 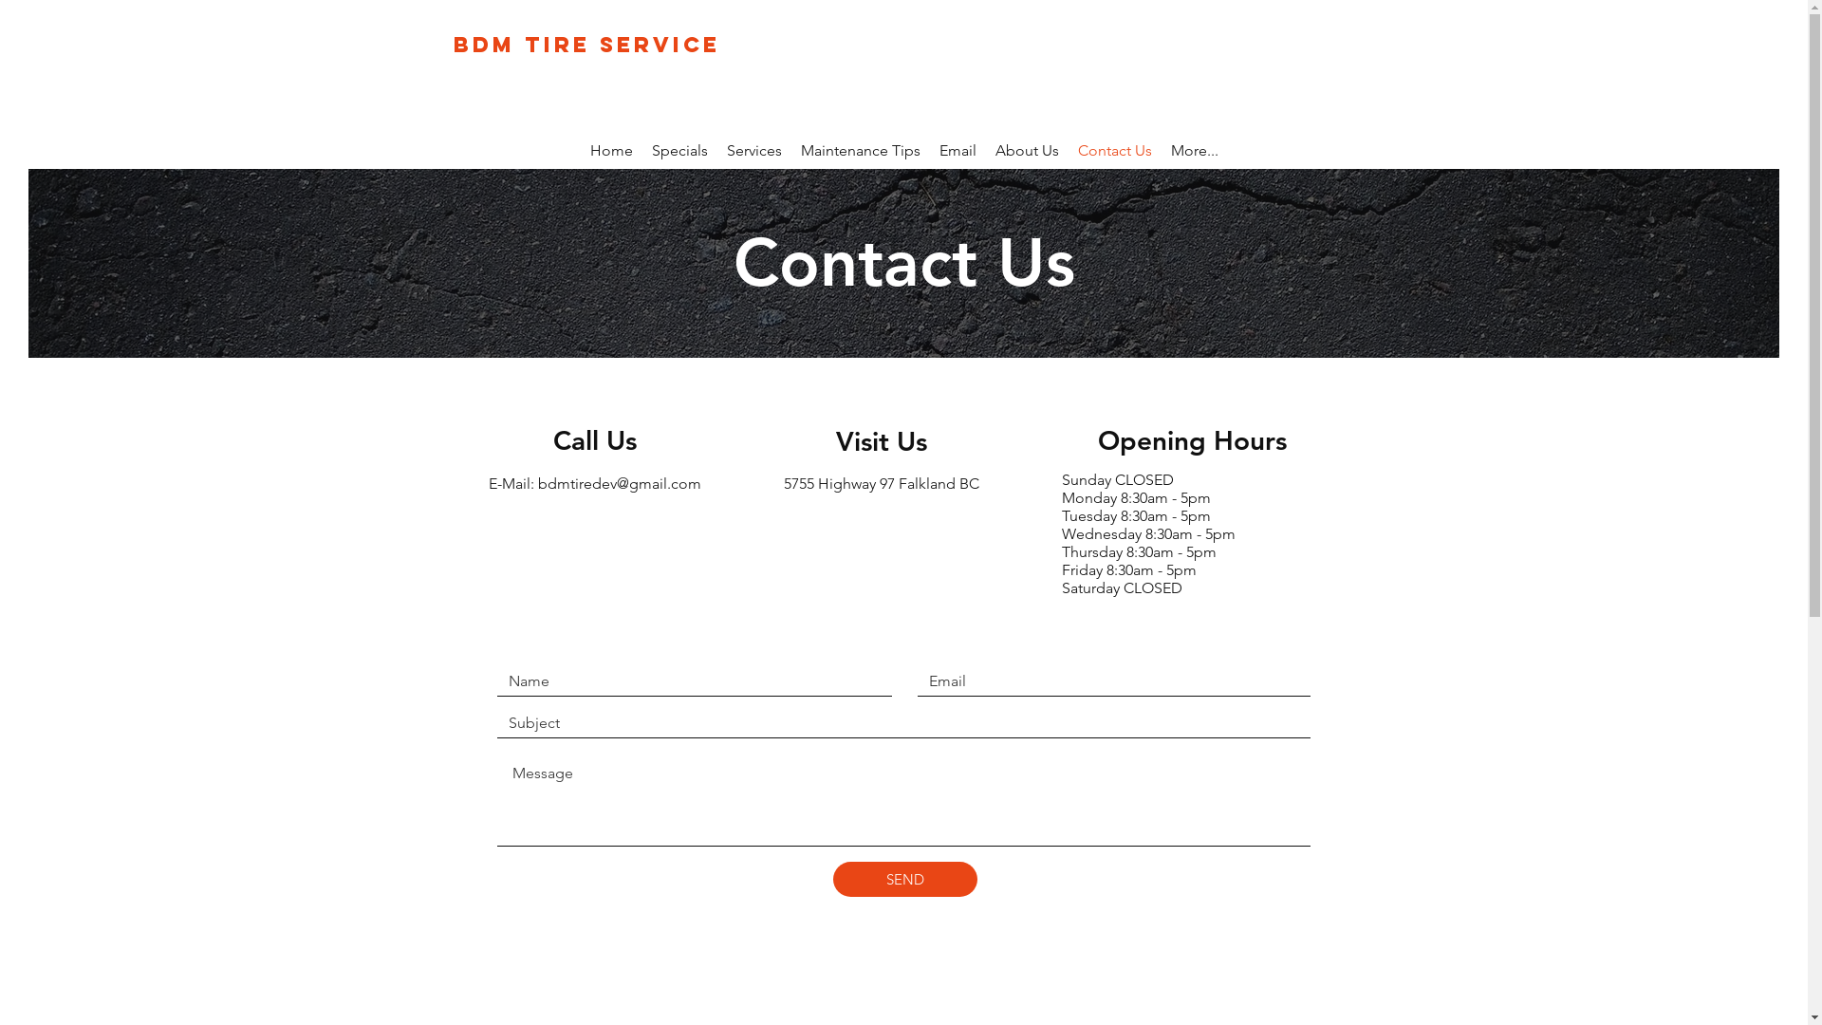 I want to click on 'SEND', so click(x=833, y=879).